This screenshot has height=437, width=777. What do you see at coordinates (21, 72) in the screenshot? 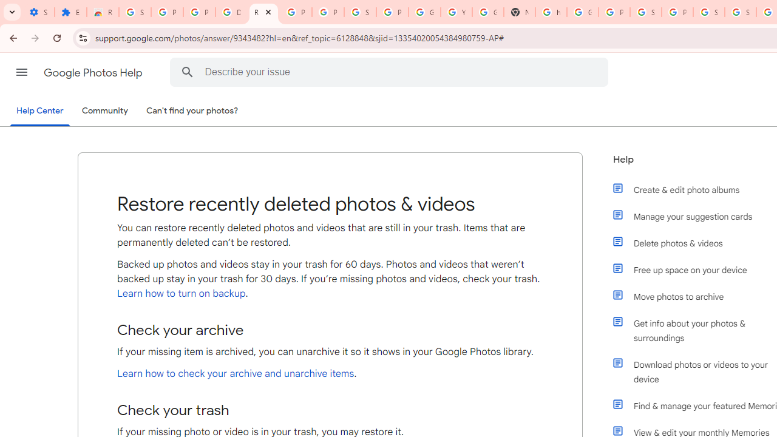
I see `'Main menu'` at bounding box center [21, 72].